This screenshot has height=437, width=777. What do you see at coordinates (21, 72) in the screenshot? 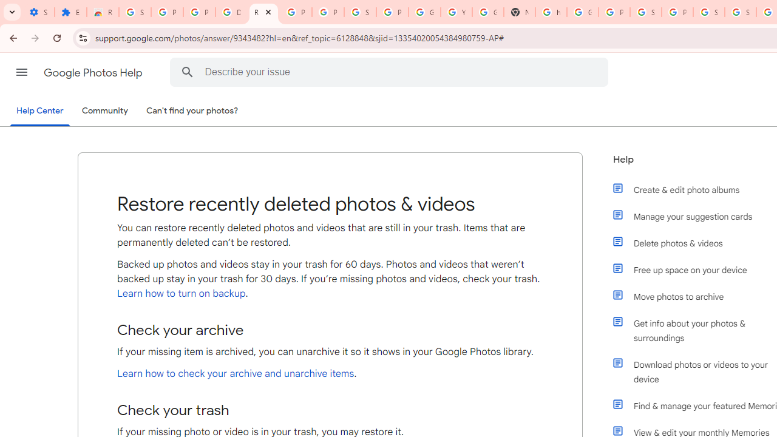
I see `'Main menu'` at bounding box center [21, 72].